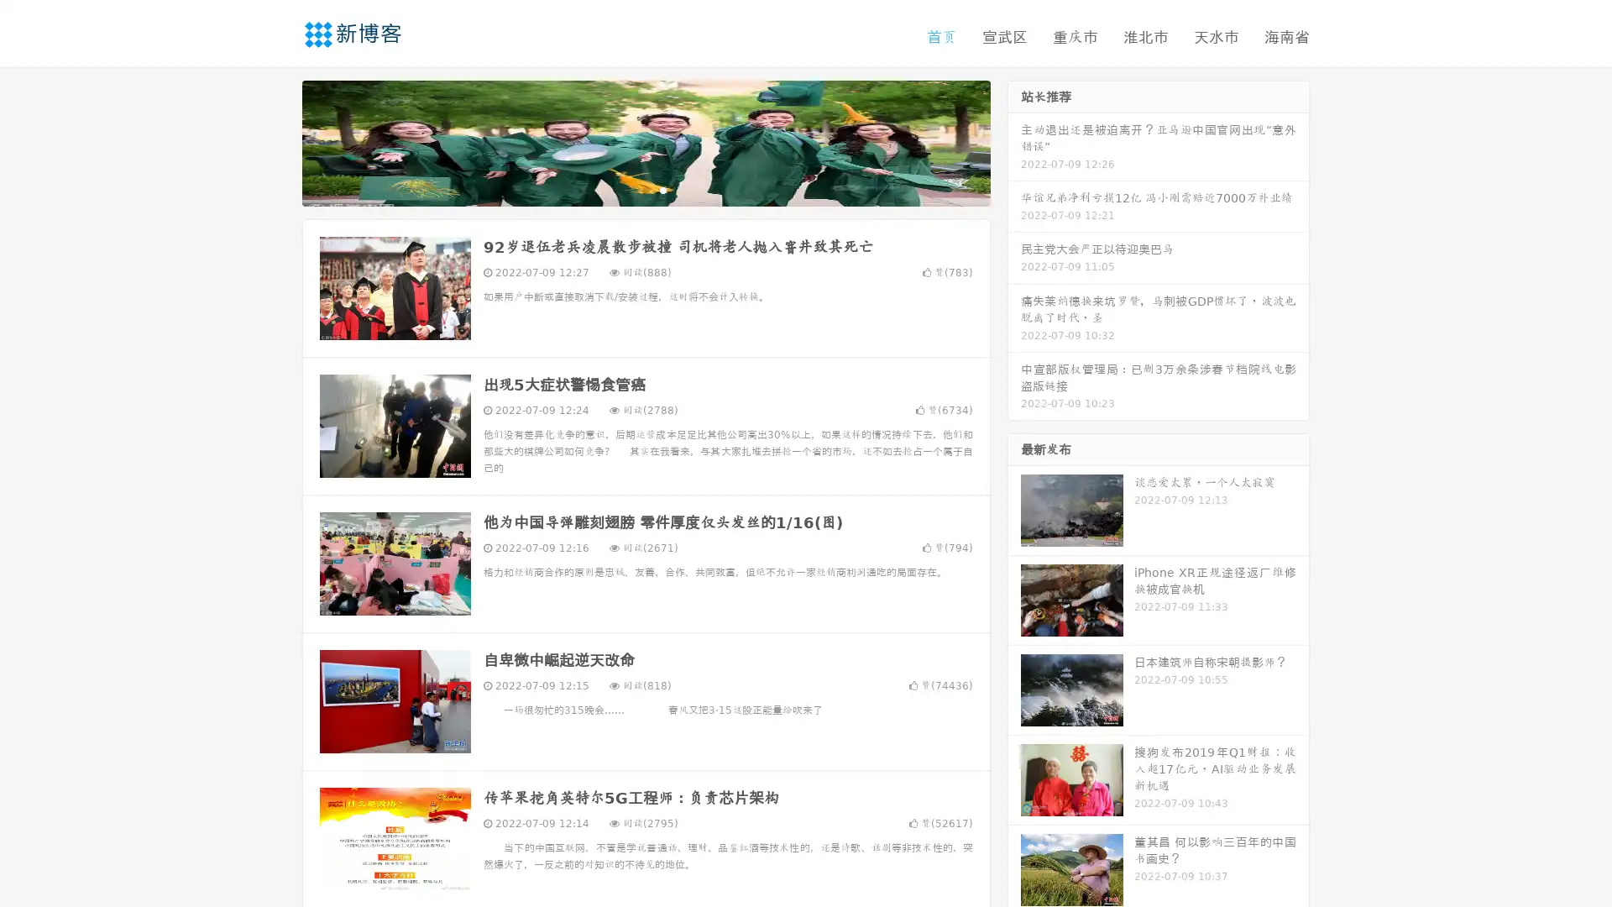 The width and height of the screenshot is (1612, 907). I want to click on Next slide, so click(1014, 141).